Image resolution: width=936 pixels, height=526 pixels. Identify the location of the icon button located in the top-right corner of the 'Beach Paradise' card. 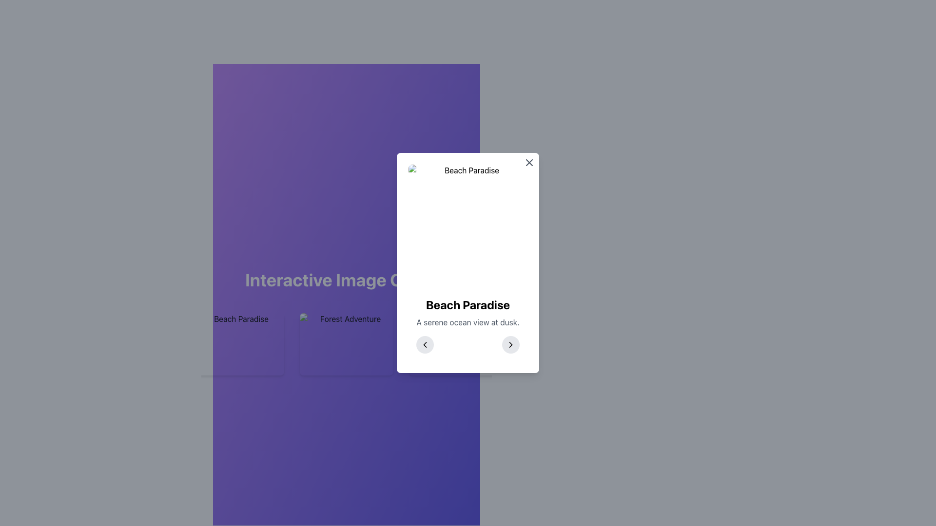
(528, 162).